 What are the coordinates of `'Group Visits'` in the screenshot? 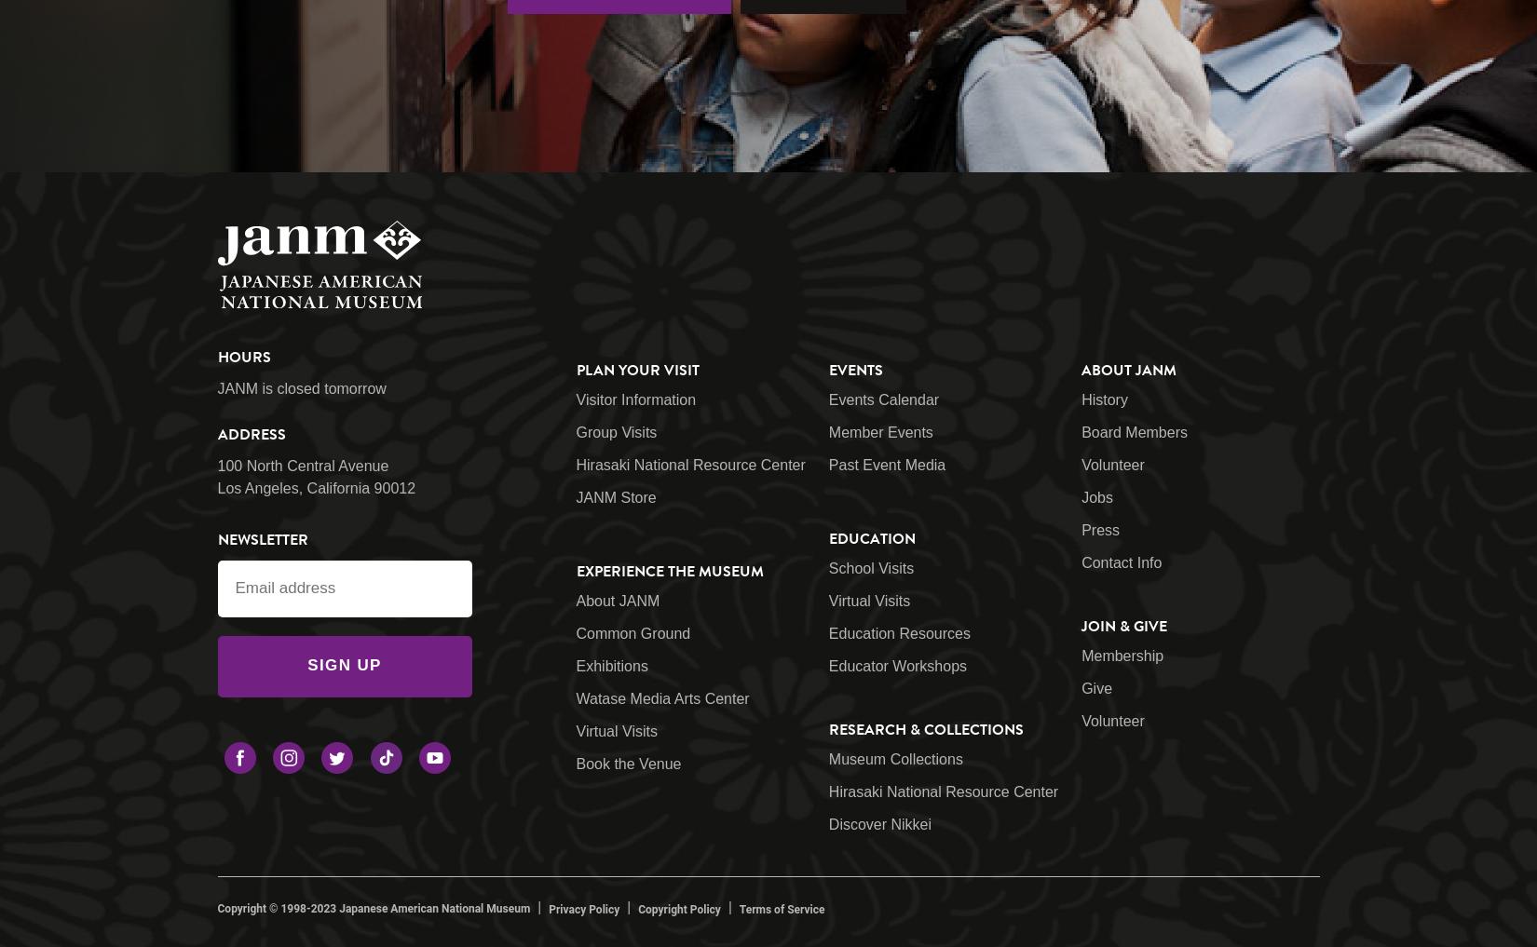 It's located at (615, 431).